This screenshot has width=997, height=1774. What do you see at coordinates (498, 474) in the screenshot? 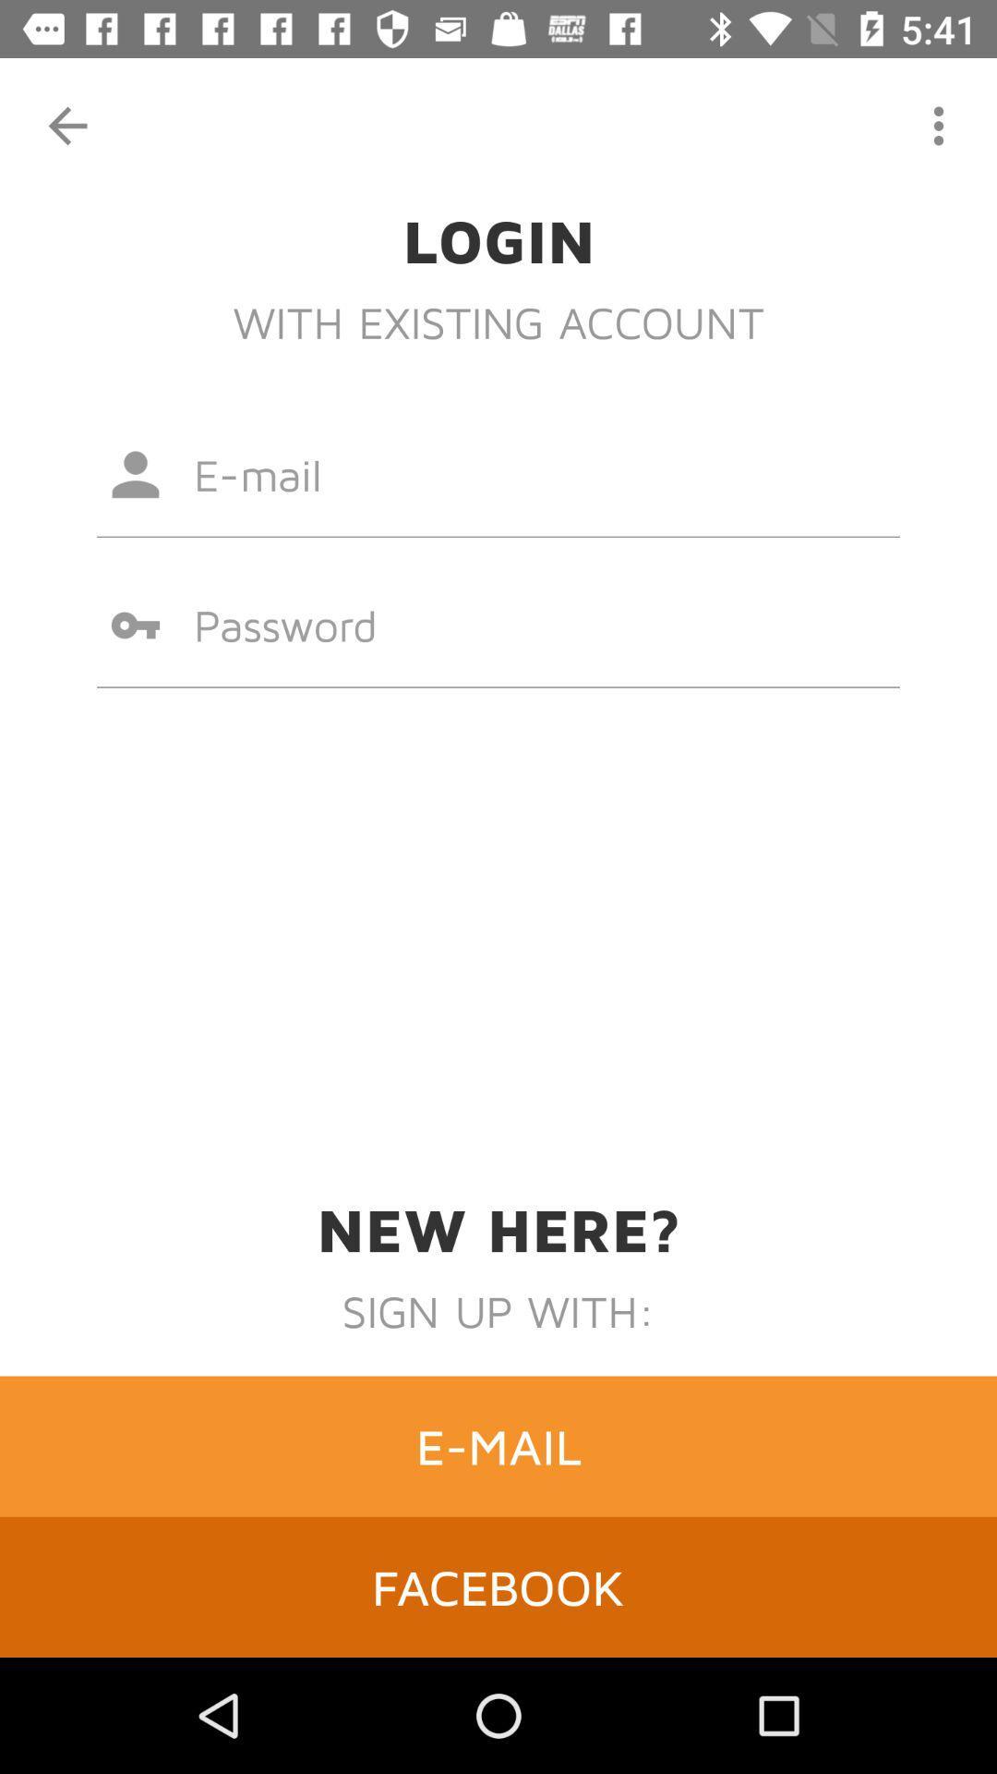
I see `item below with existing account icon` at bounding box center [498, 474].